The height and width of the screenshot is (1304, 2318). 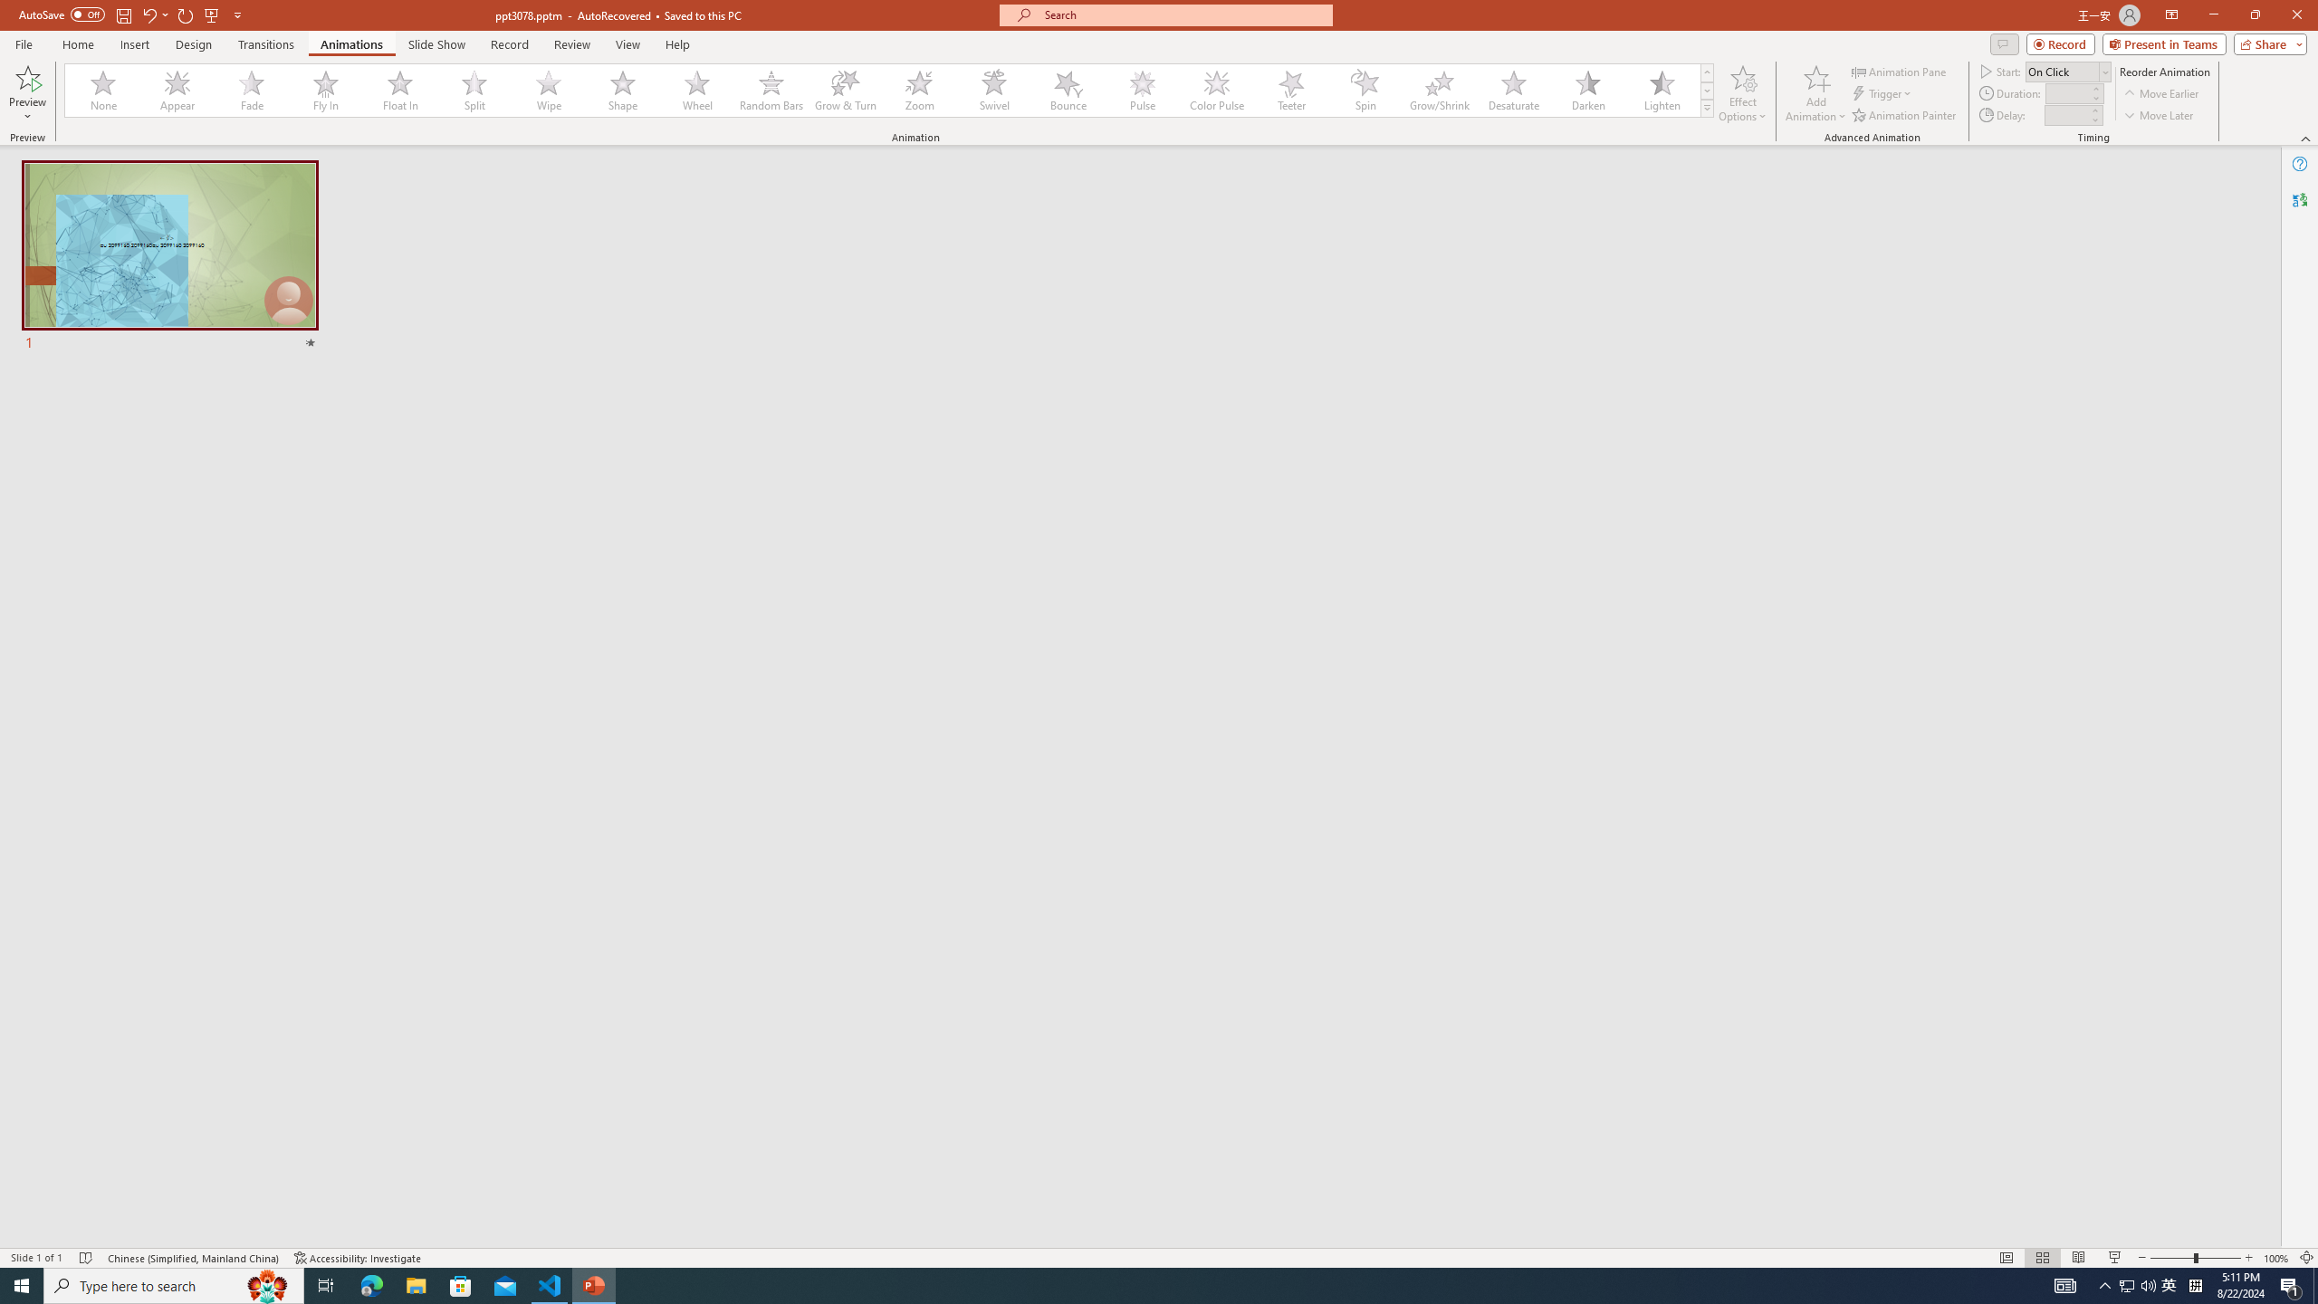 I want to click on 'Move Later', so click(x=2159, y=115).